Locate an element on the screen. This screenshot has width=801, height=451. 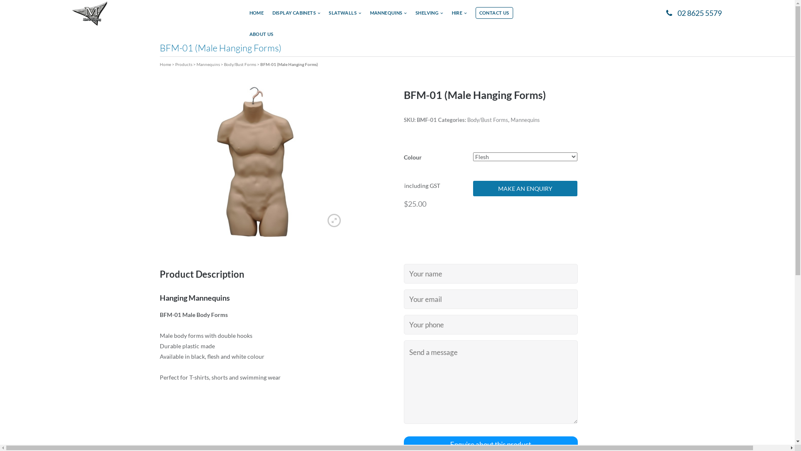
'Body/Bust Forms' is located at coordinates (239, 64).